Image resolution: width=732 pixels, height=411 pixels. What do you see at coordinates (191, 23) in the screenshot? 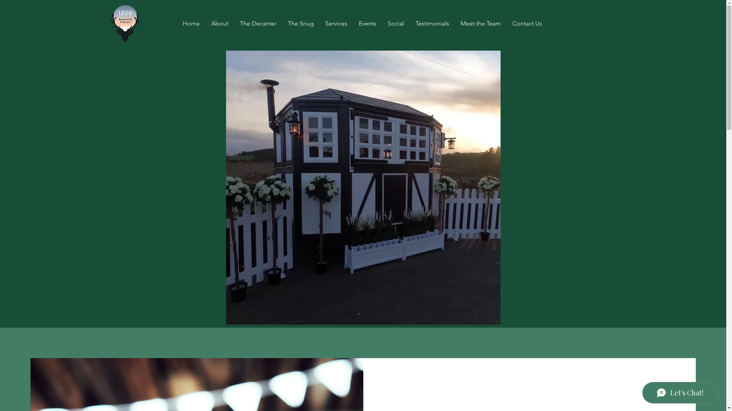
I see `'Home'` at bounding box center [191, 23].